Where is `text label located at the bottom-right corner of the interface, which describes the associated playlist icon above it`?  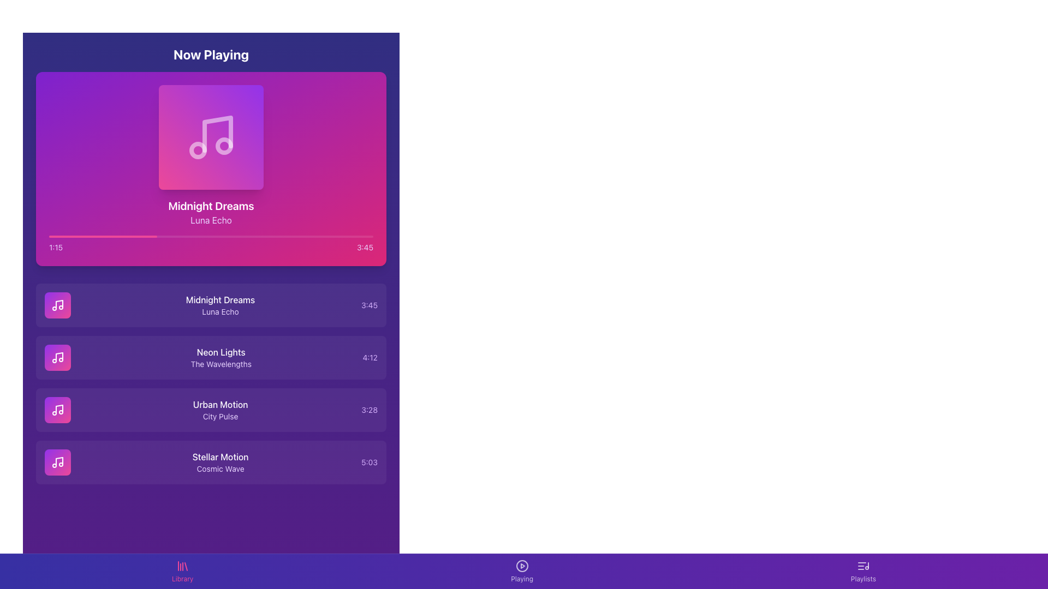
text label located at the bottom-right corner of the interface, which describes the associated playlist icon above it is located at coordinates (862, 578).